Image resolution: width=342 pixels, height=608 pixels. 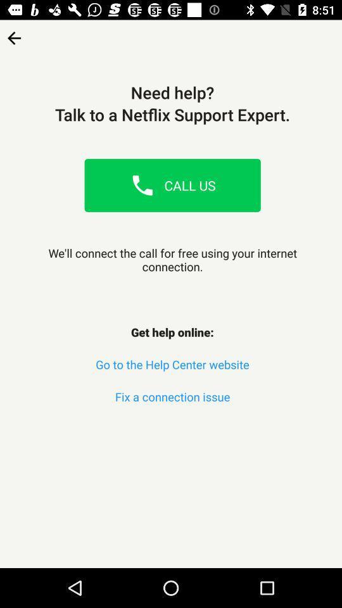 What do you see at coordinates (13, 33) in the screenshot?
I see `item at the top left corner` at bounding box center [13, 33].